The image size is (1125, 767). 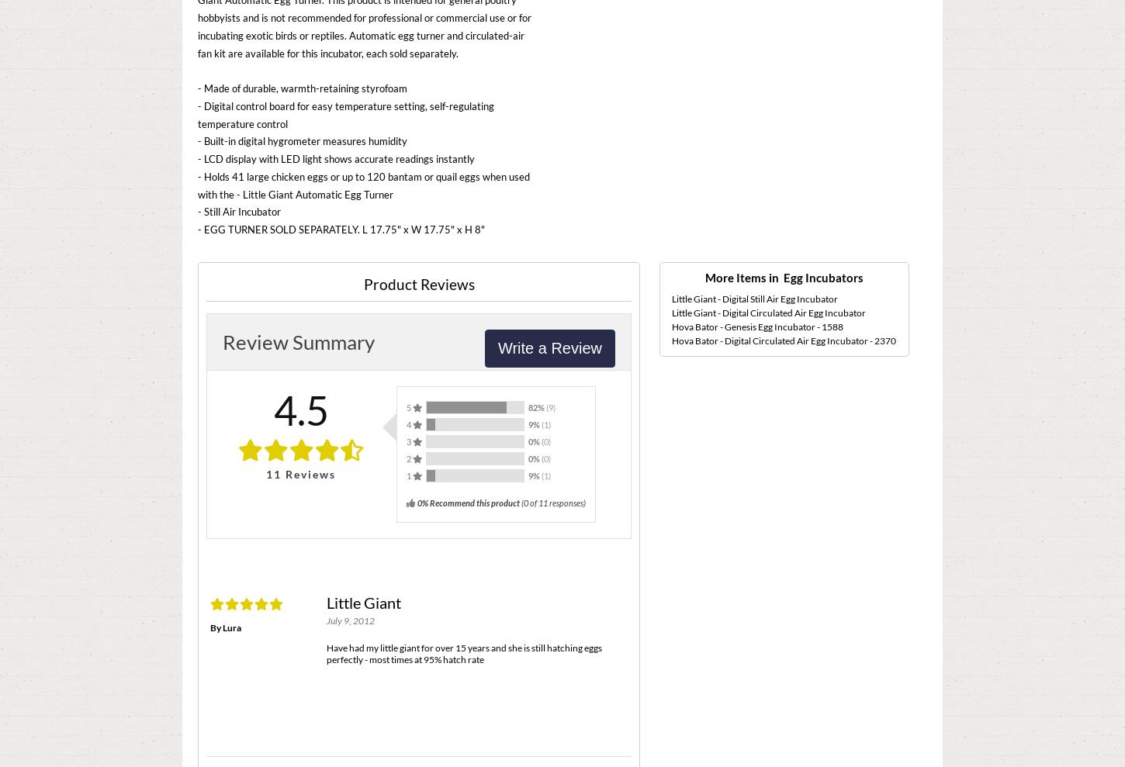 What do you see at coordinates (345, 113) in the screenshot?
I see `'- Digital control board for easy temperature setting, self-regulating temperature control'` at bounding box center [345, 113].